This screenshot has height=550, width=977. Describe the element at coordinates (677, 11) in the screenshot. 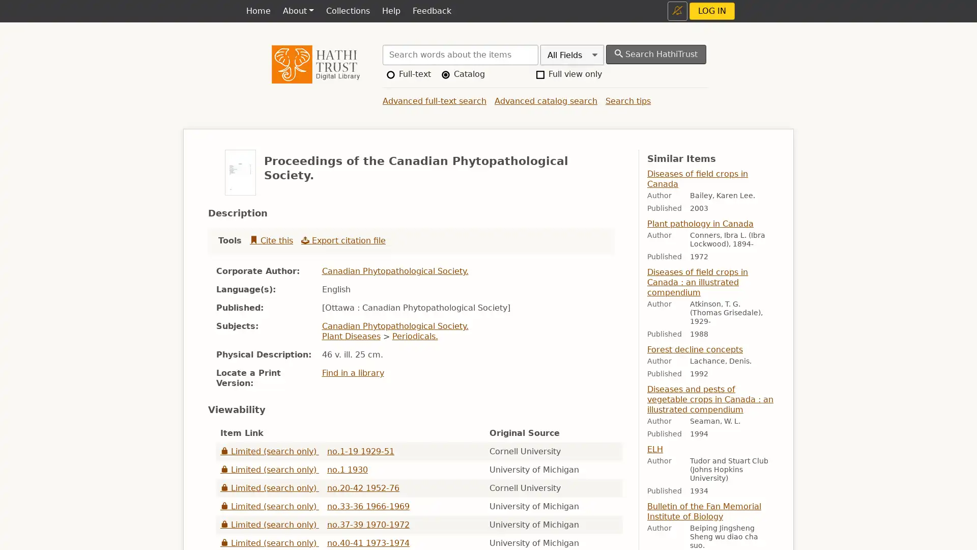

I see `Toggle Notifications` at that location.